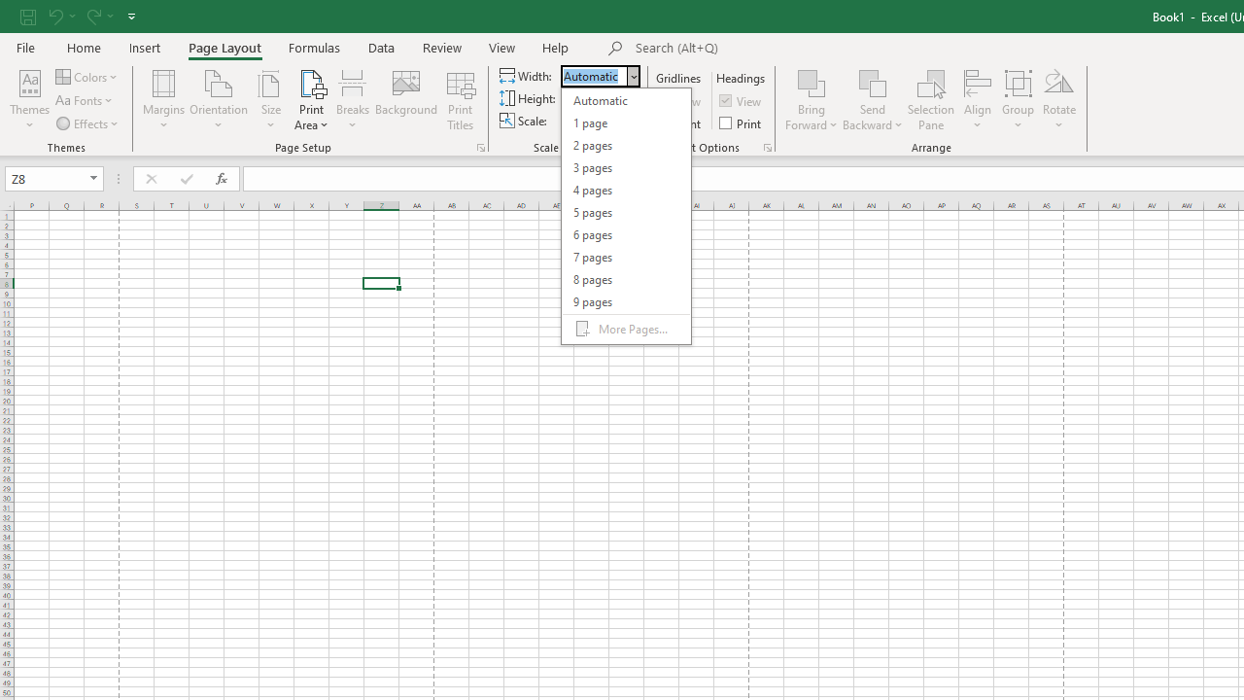 This screenshot has height=700, width=1244. I want to click on 'More Pages...', so click(626, 328).